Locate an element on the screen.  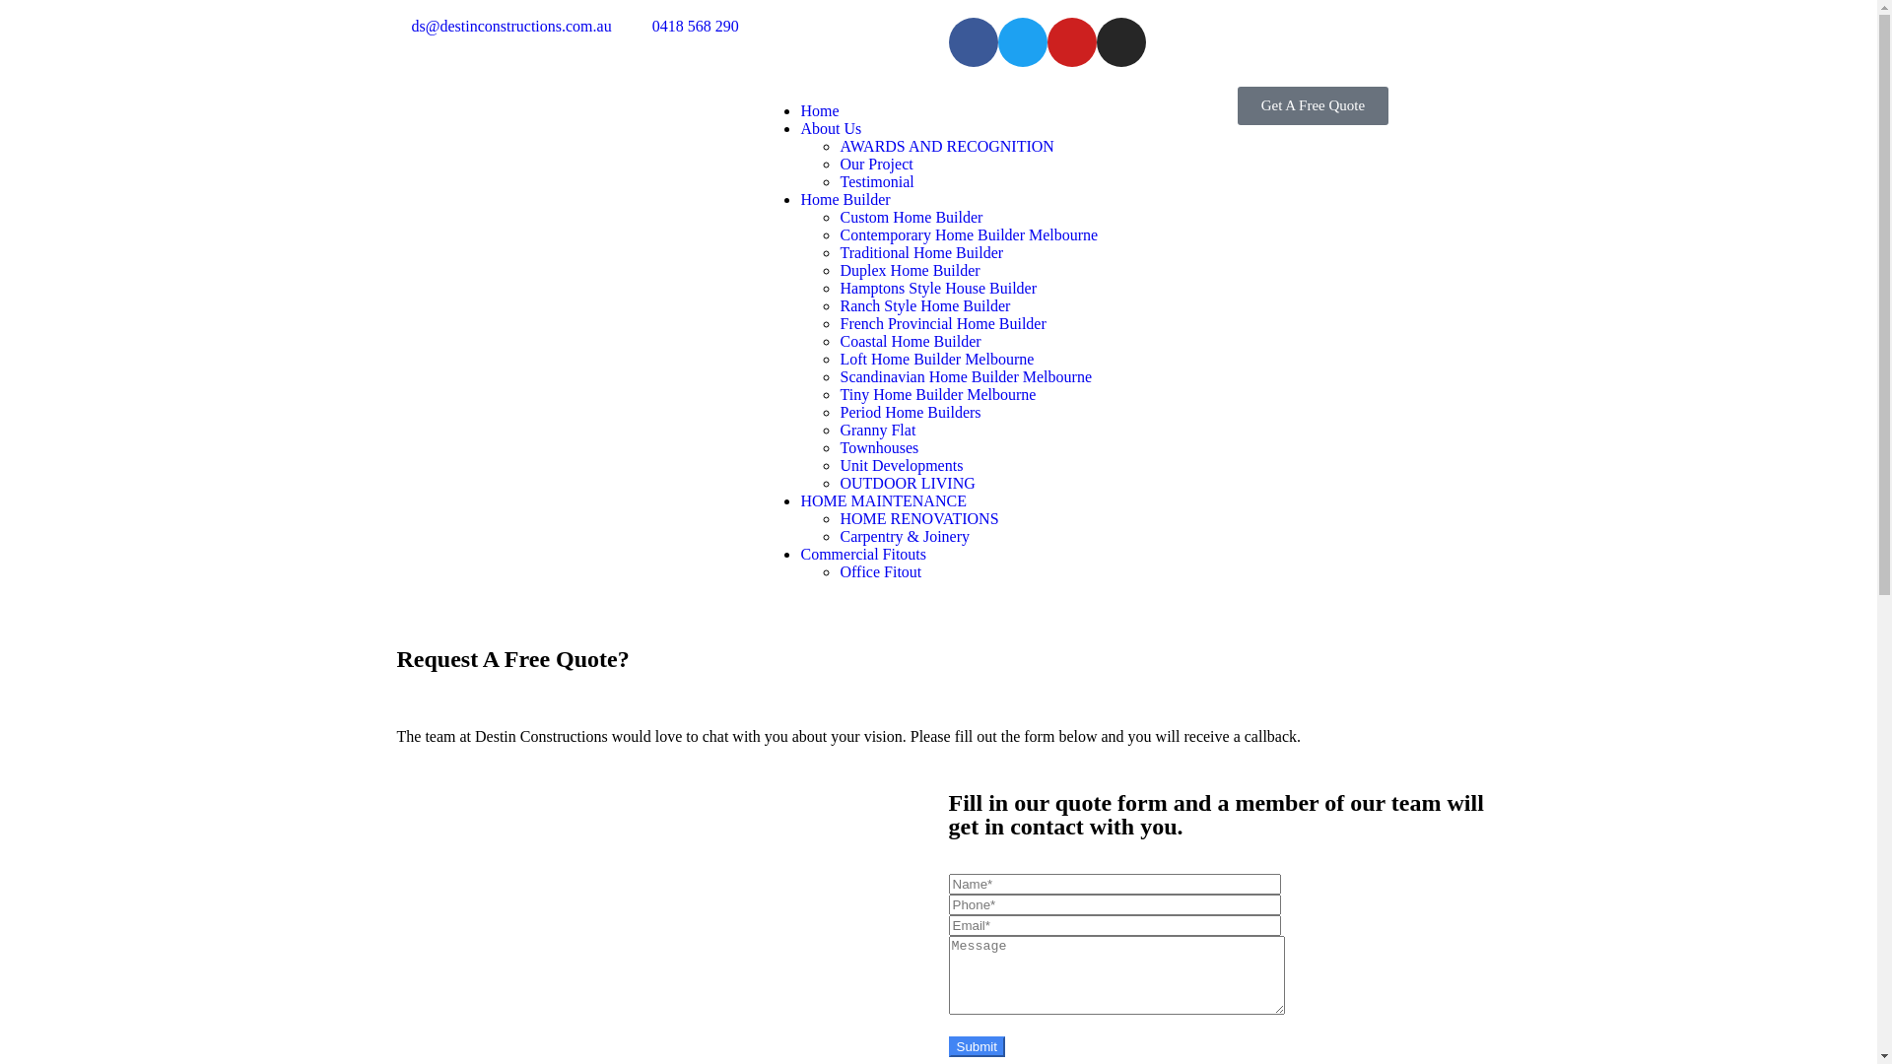
'French Provincial Home Builder' is located at coordinates (839, 322).